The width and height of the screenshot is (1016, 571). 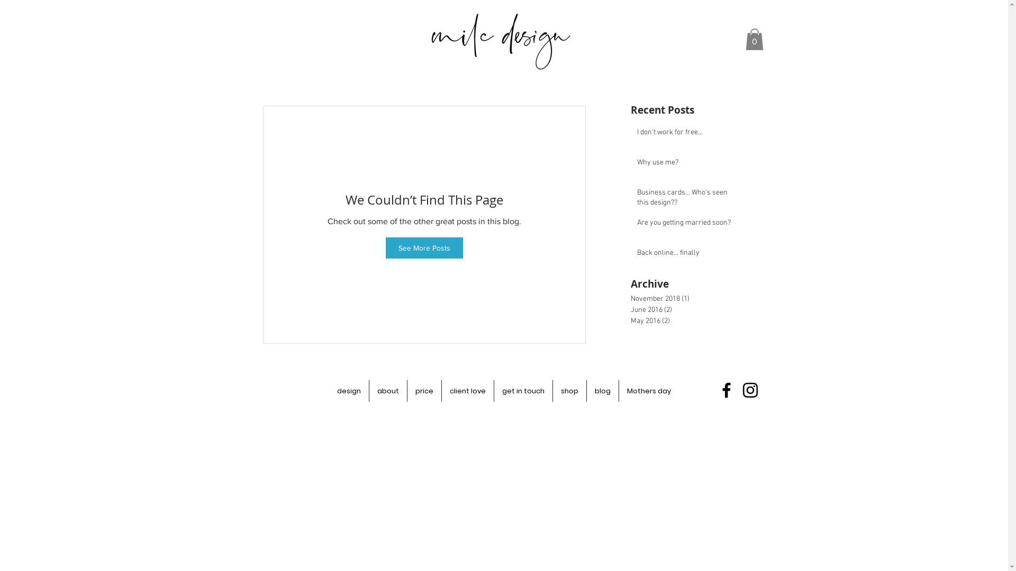 I want to click on 'November 2018 (1)', so click(x=686, y=299).